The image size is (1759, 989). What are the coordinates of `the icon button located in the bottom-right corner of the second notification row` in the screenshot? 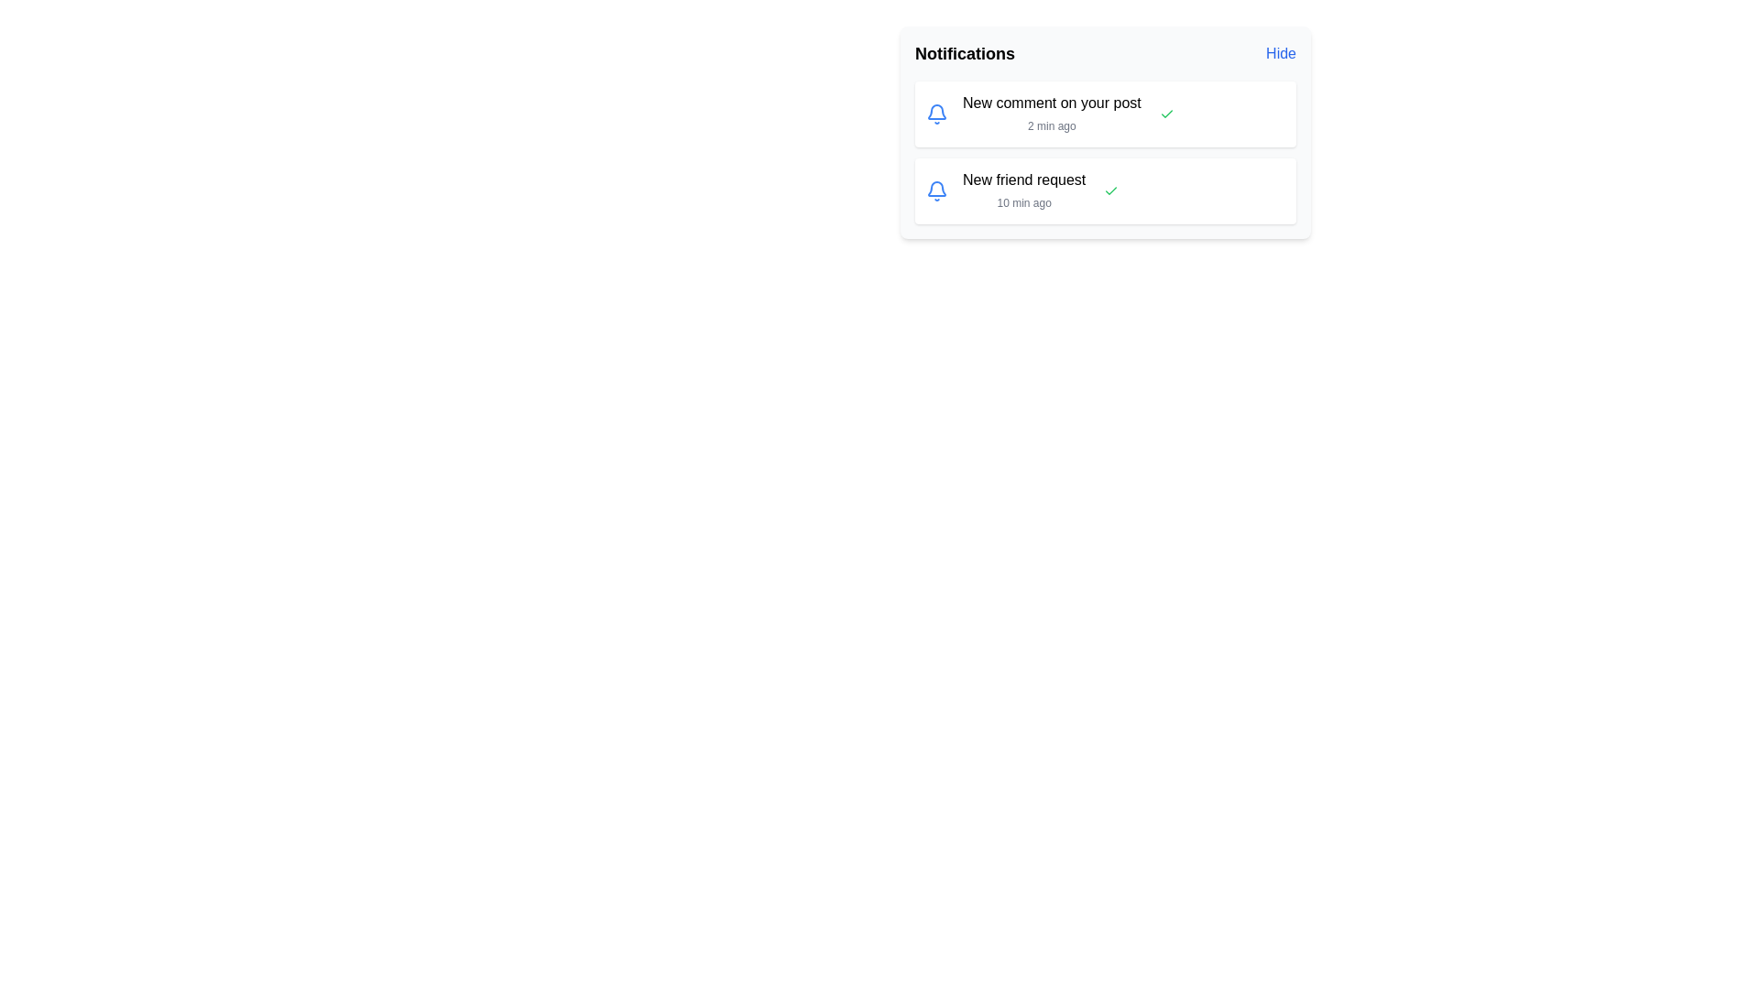 It's located at (1110, 190).